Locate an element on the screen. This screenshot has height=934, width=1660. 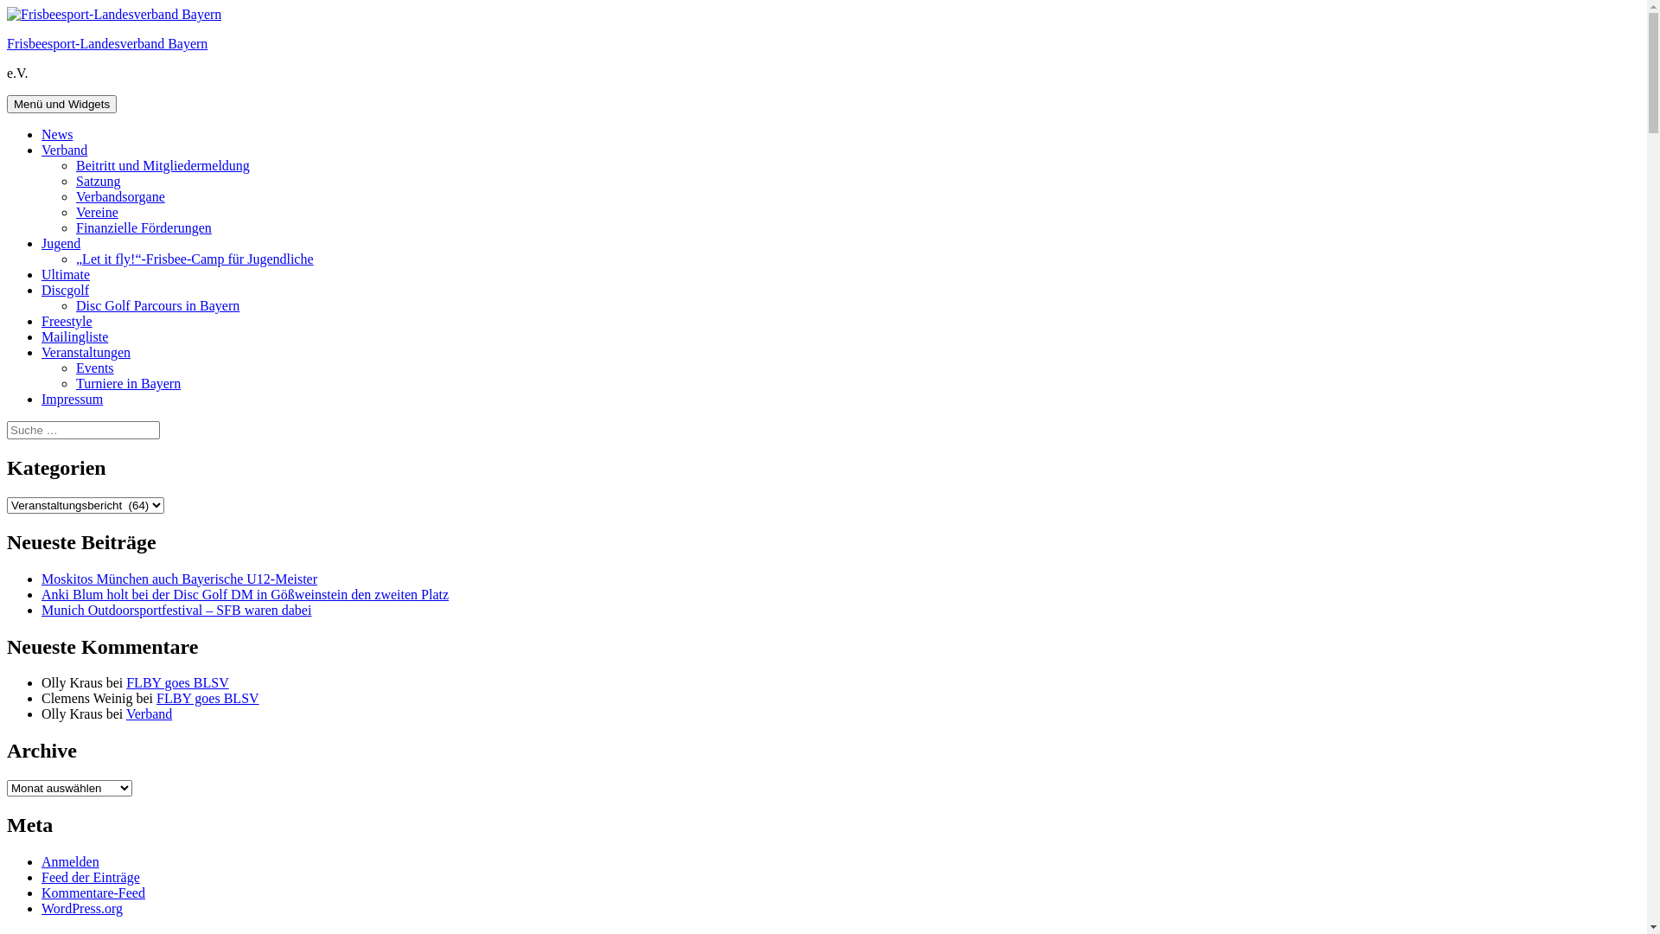
'Turniere in Bayern' is located at coordinates (127, 382).